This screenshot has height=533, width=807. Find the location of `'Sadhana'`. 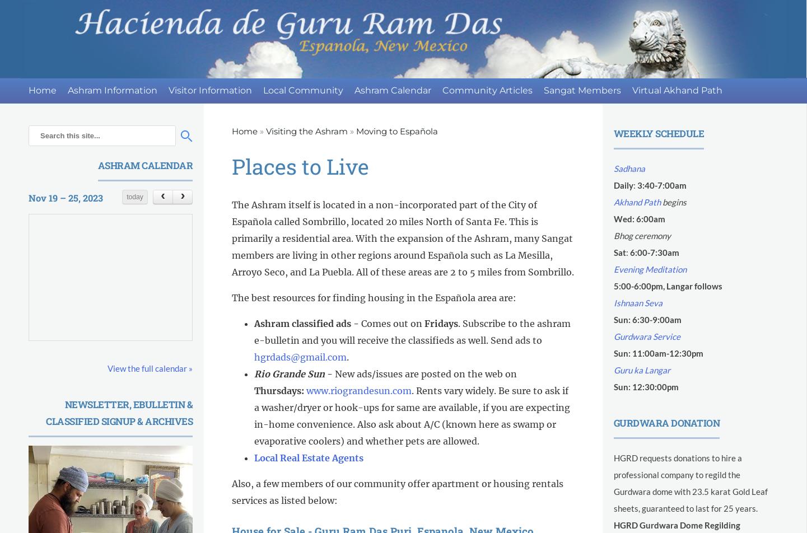

'Sadhana' is located at coordinates (613, 169).